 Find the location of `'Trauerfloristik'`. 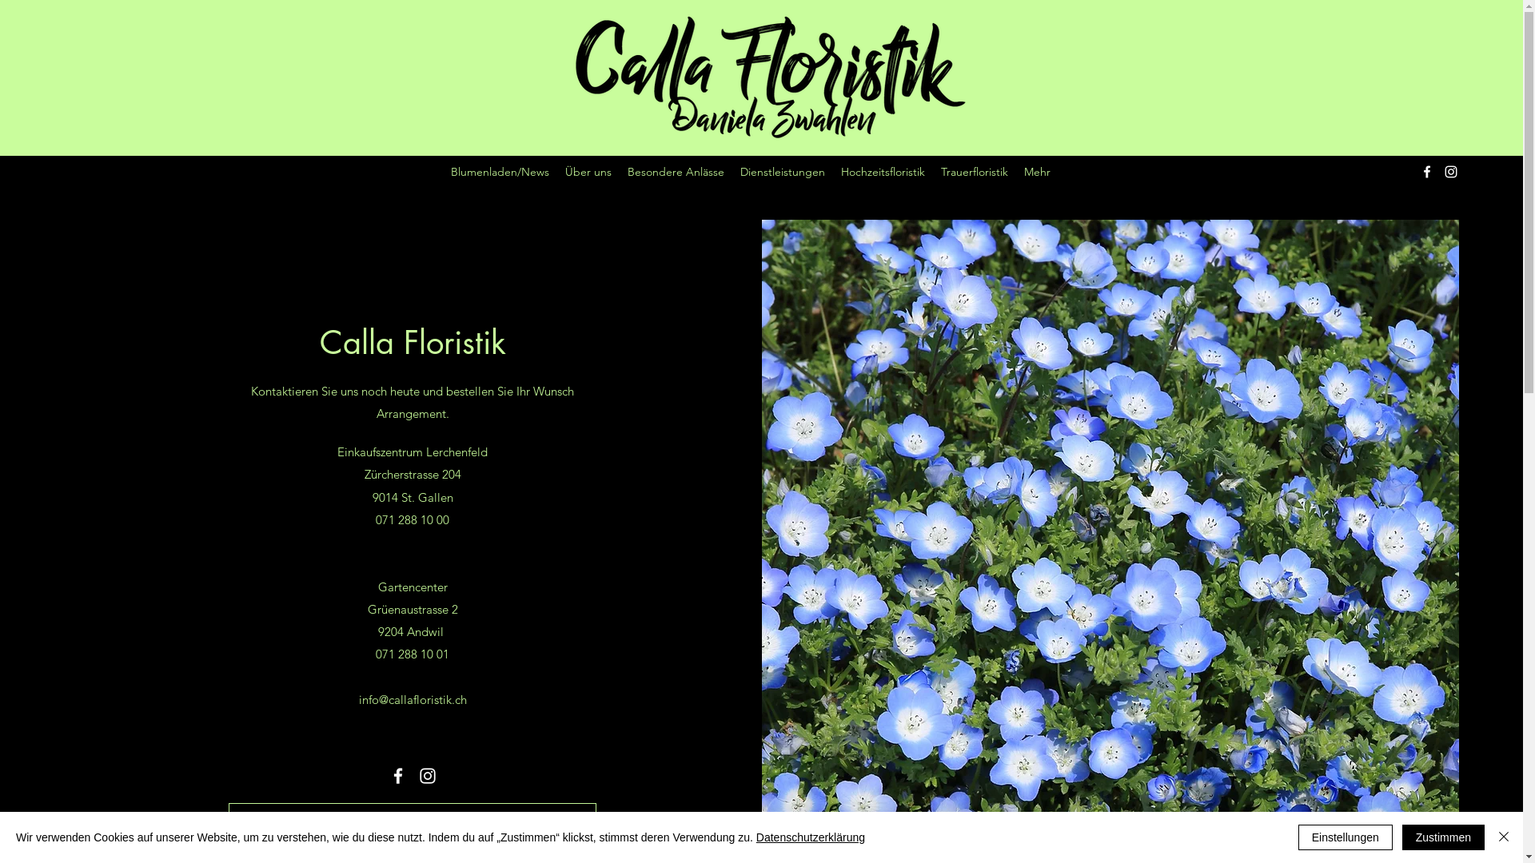

'Trauerfloristik' is located at coordinates (974, 172).